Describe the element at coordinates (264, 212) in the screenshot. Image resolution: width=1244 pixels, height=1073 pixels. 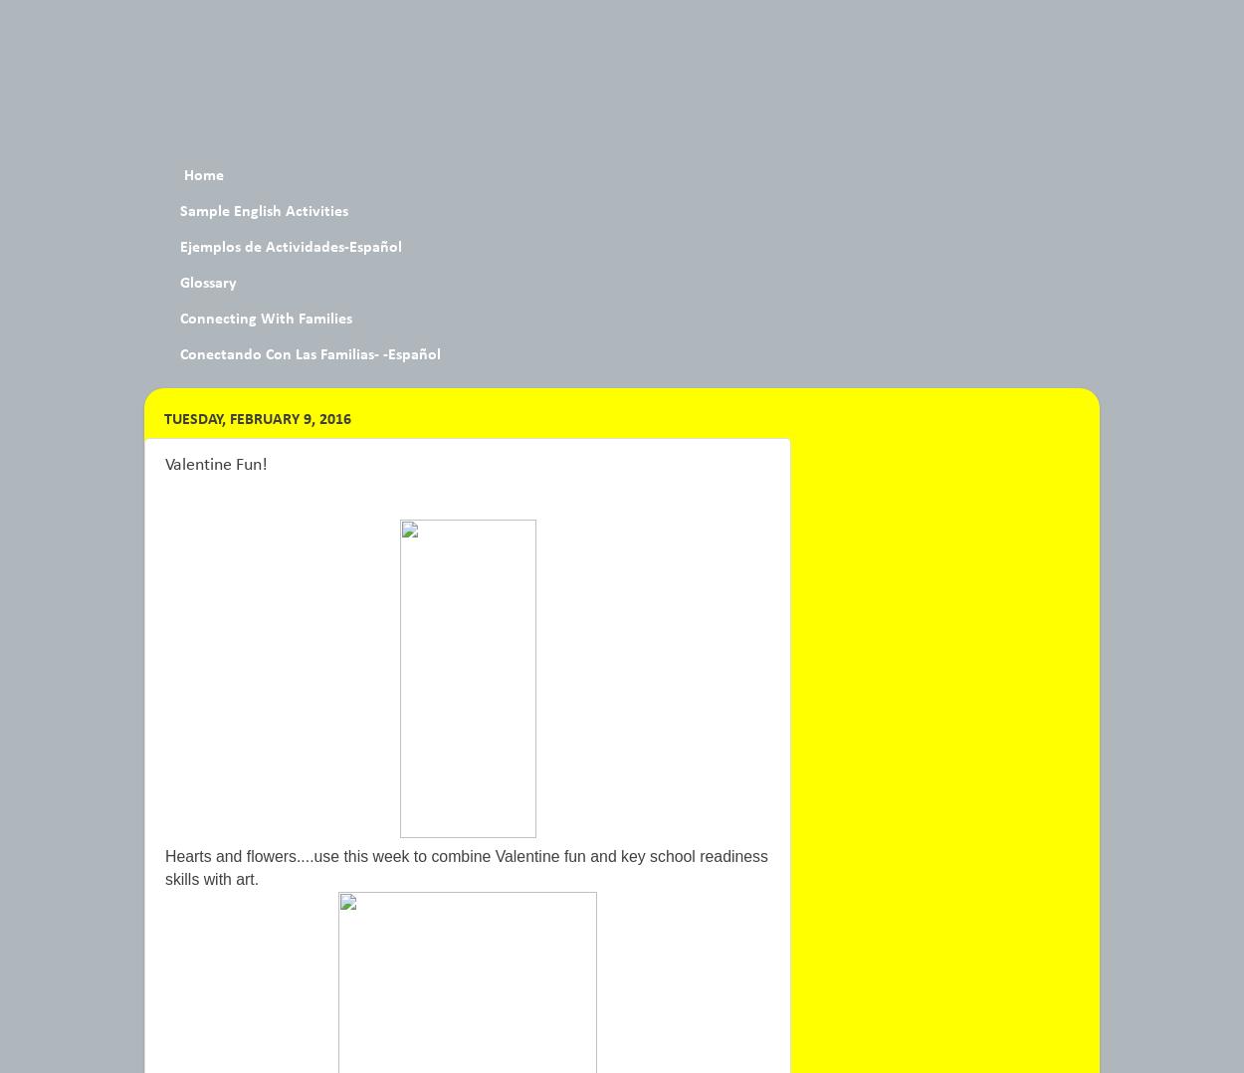
I see `'Sample English Activities'` at that location.